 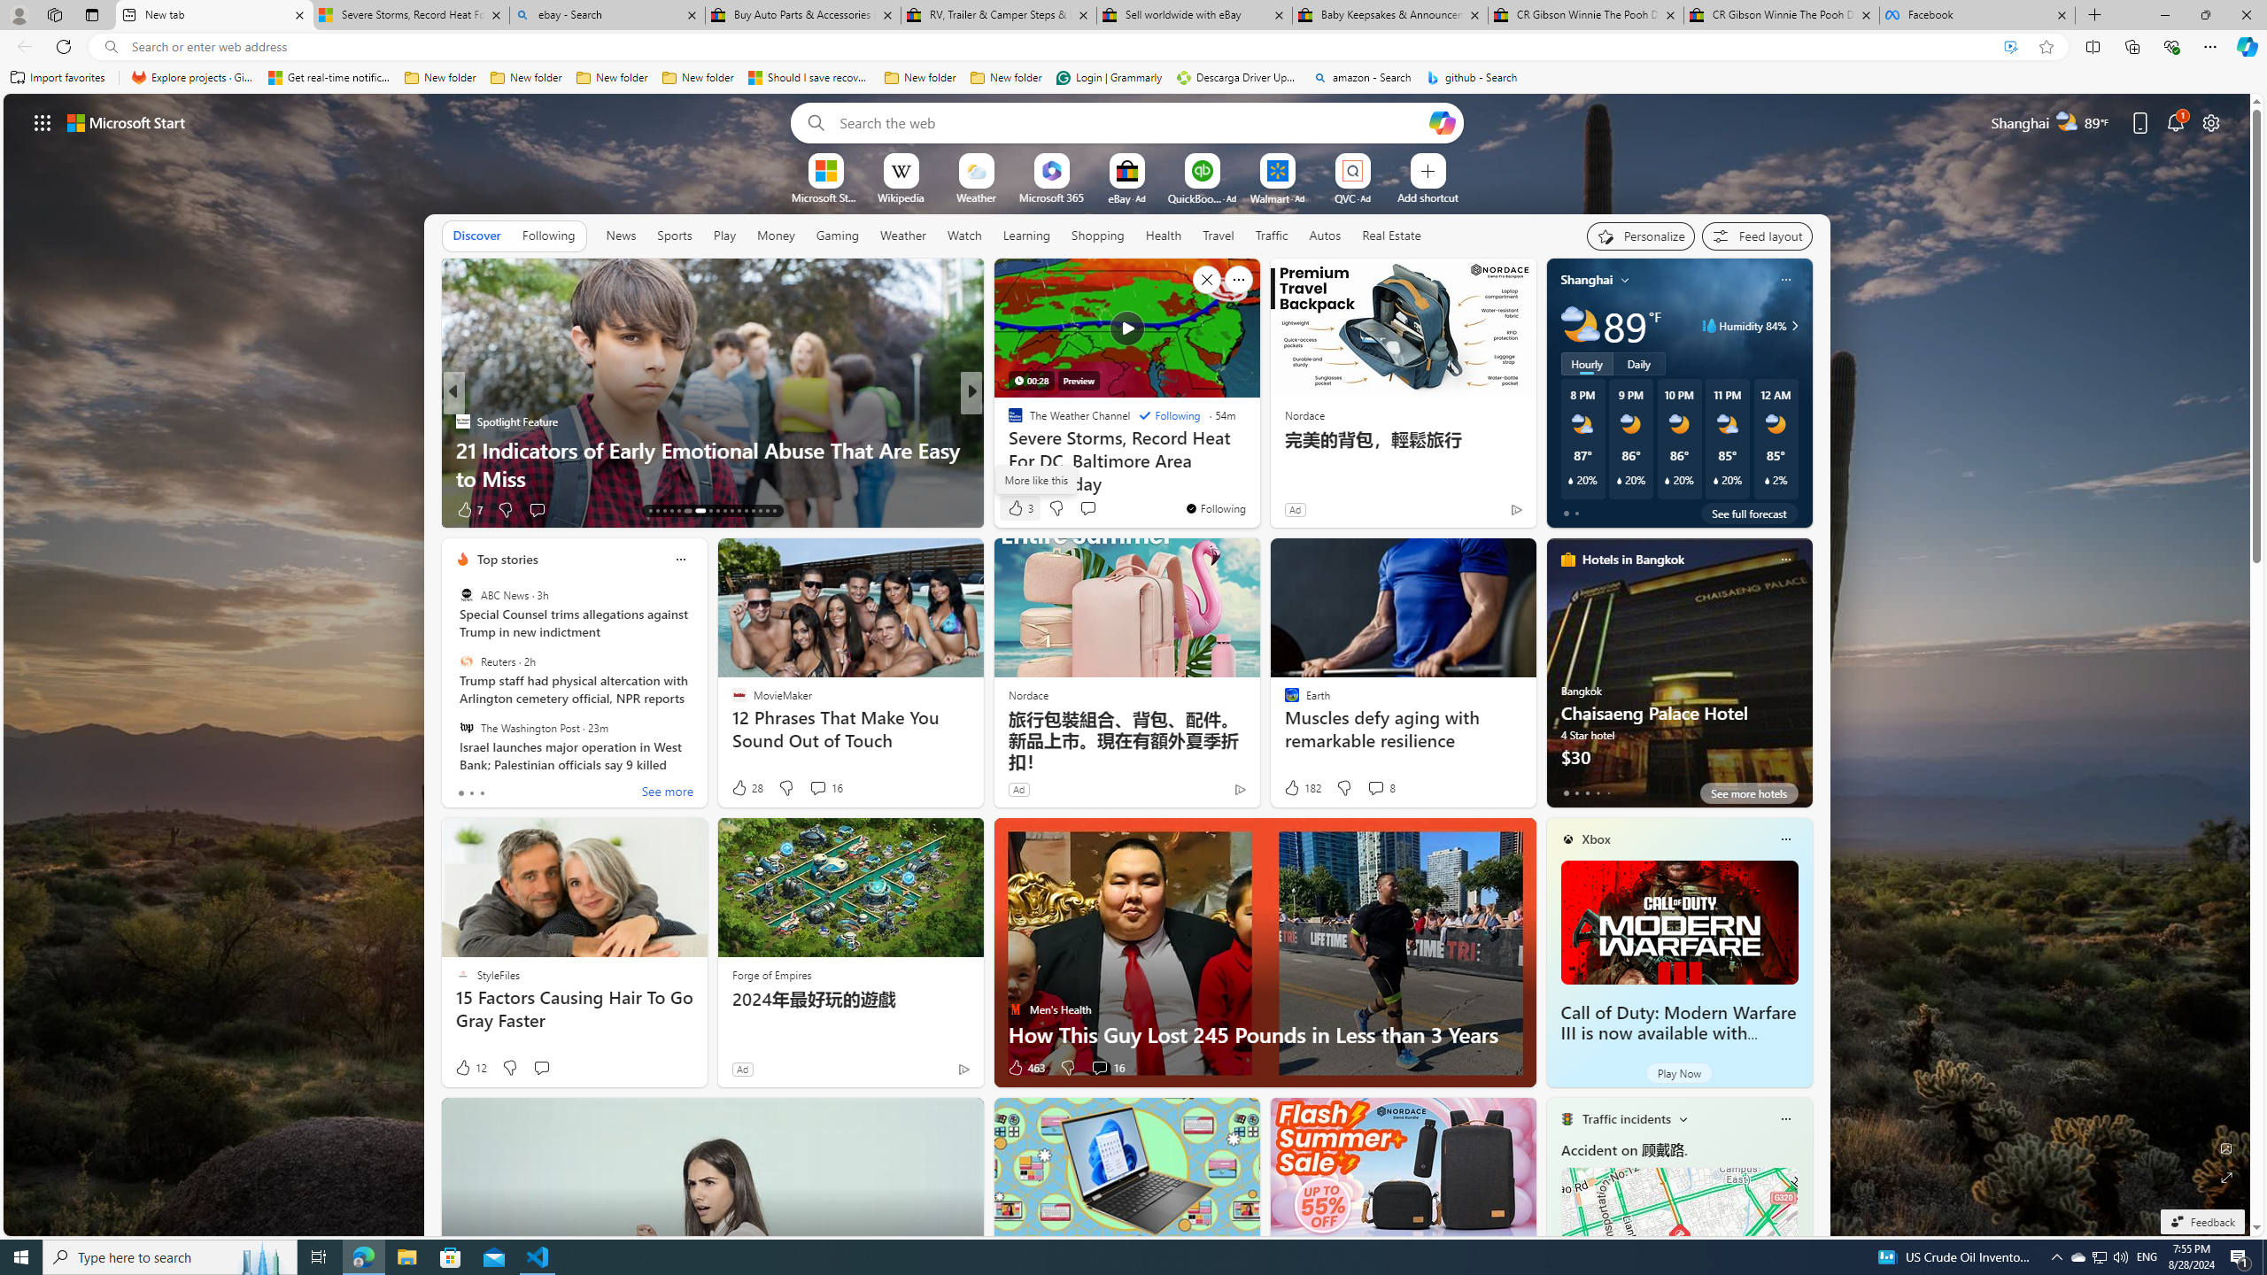 What do you see at coordinates (766, 511) in the screenshot?
I see `'AutomationID: tab-28'` at bounding box center [766, 511].